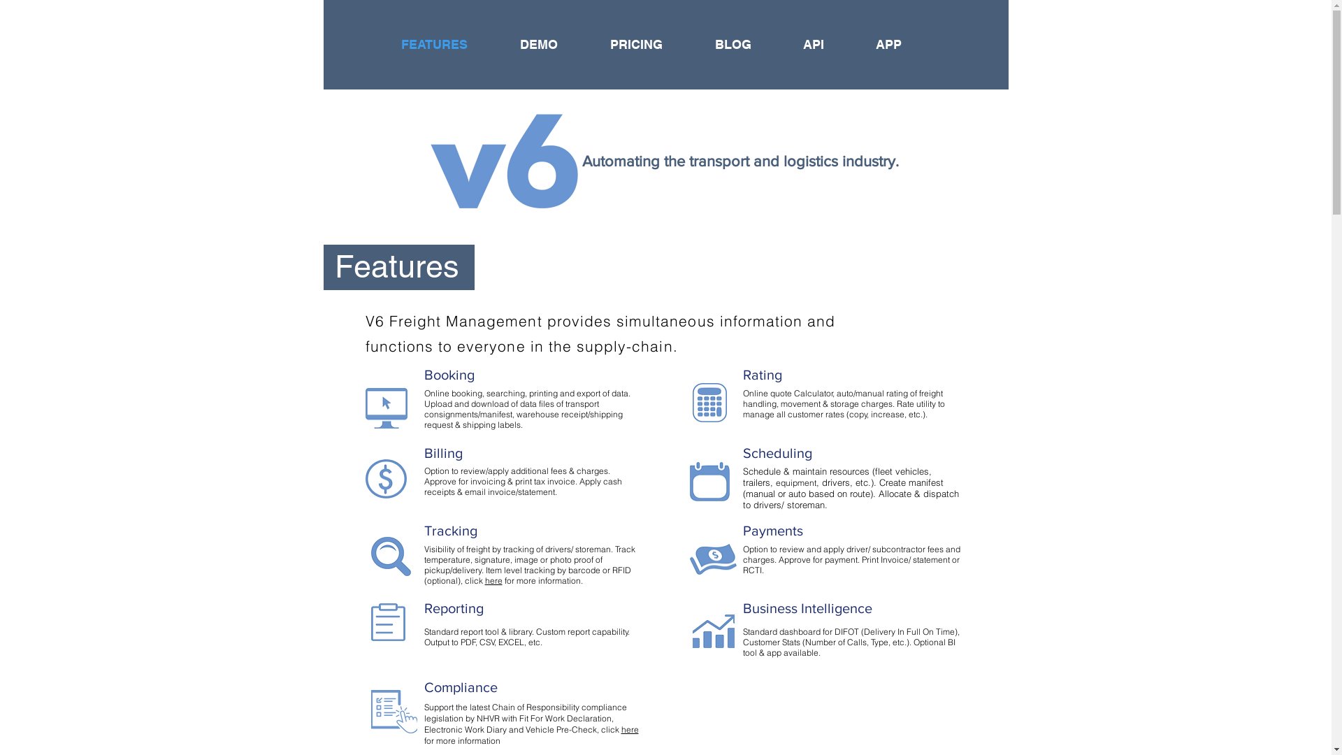 This screenshot has width=1342, height=755. I want to click on 'BLOG', so click(747, 44).